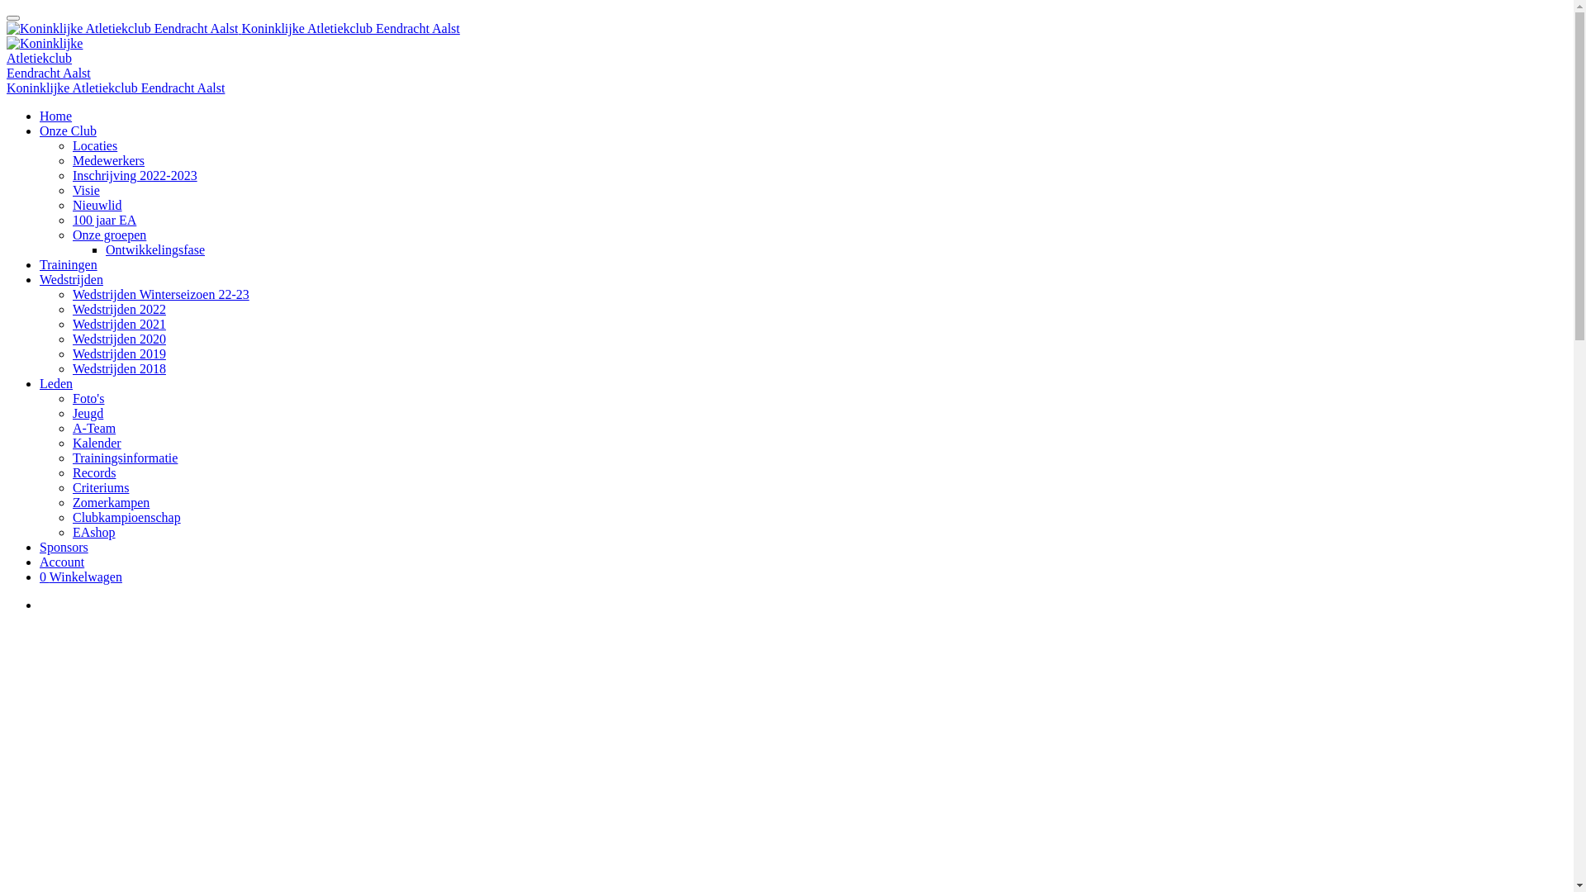  Describe the element at coordinates (121, 28) in the screenshot. I see `'Koninklijke Atletiekclub Eendracht Aalst'` at that location.